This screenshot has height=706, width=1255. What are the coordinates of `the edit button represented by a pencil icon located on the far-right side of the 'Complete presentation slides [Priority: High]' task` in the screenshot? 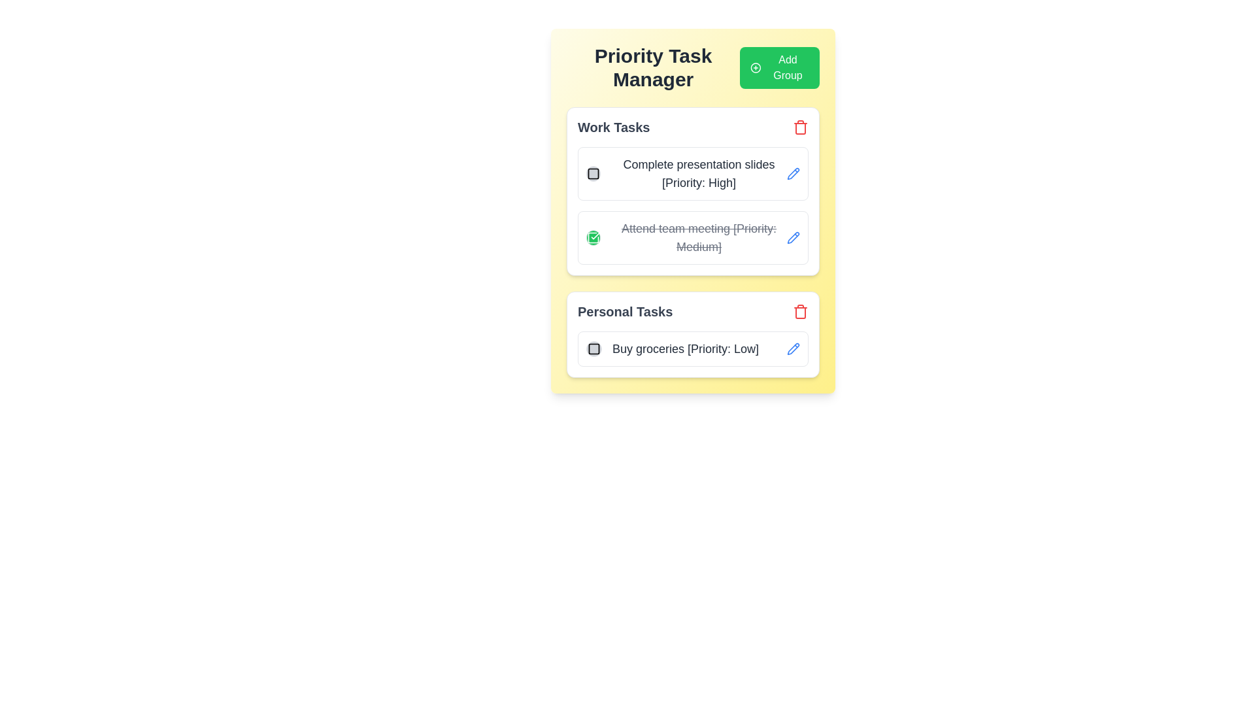 It's located at (793, 173).